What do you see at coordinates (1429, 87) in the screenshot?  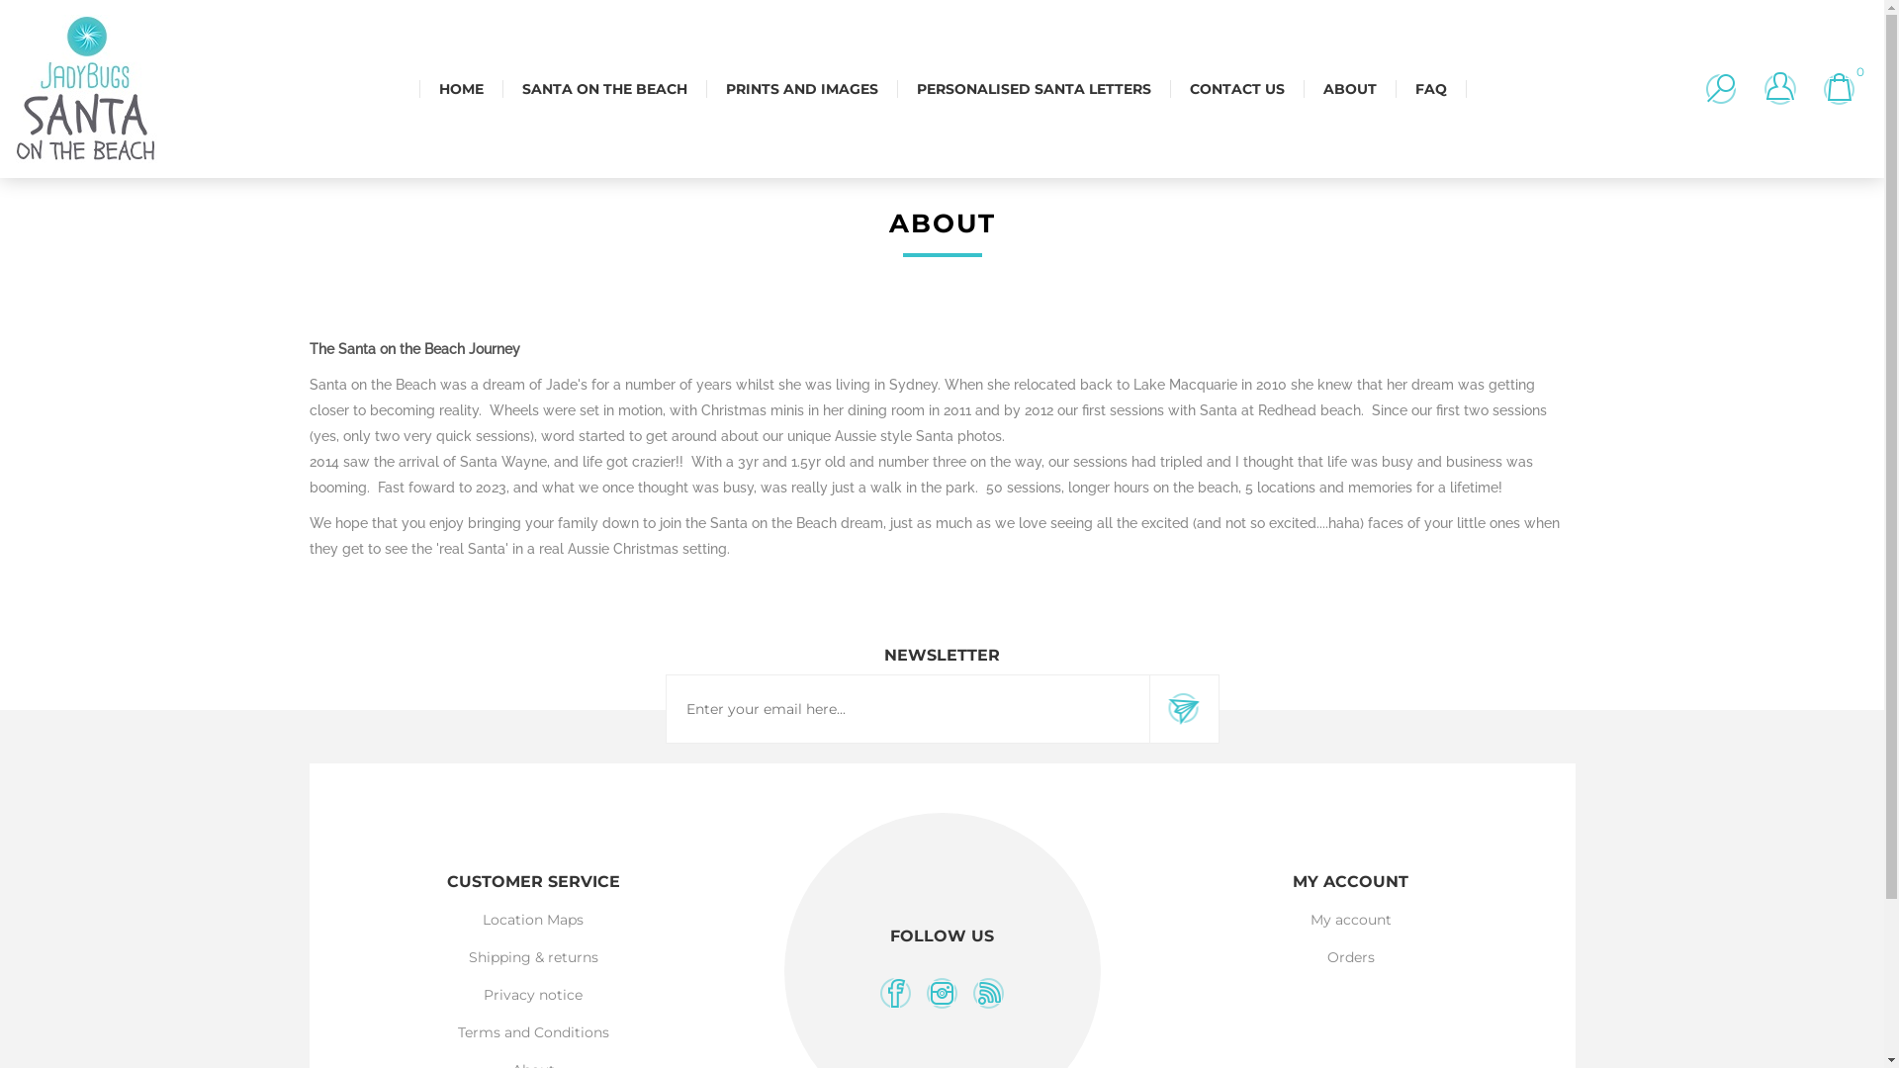 I see `'FAQ'` at bounding box center [1429, 87].